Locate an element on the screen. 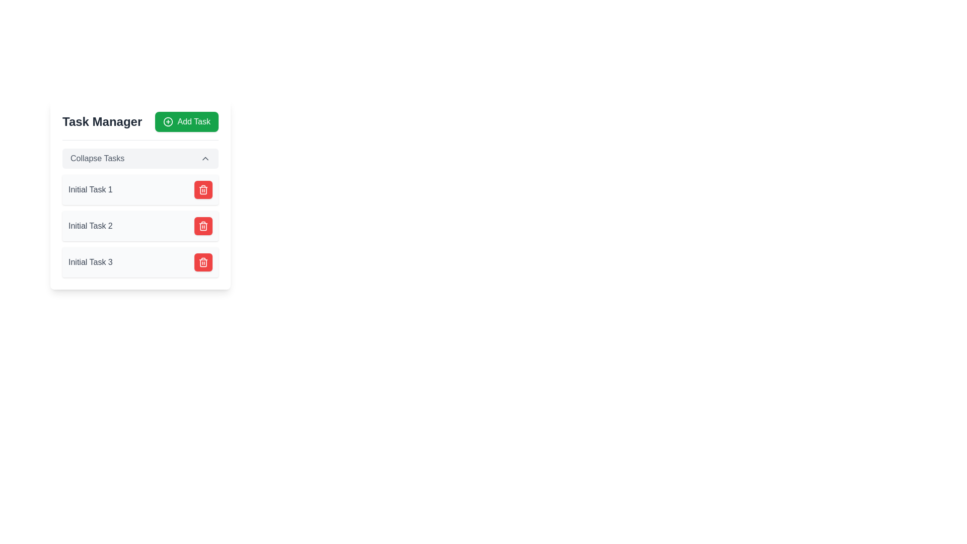  the visual representation of the 'Add Task' circular icon with a green background and plus symbol, located to the left of the 'Add Task' button is located at coordinates (168, 121).